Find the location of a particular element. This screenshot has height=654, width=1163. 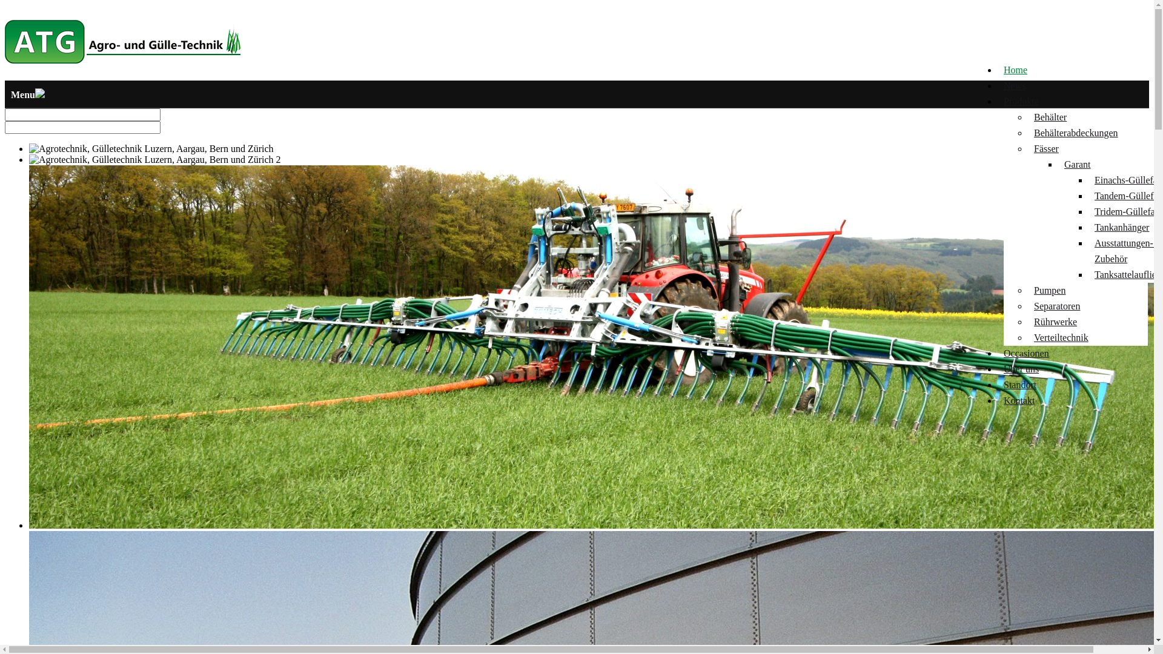

'Verteiltechnik' is located at coordinates (1033, 337).